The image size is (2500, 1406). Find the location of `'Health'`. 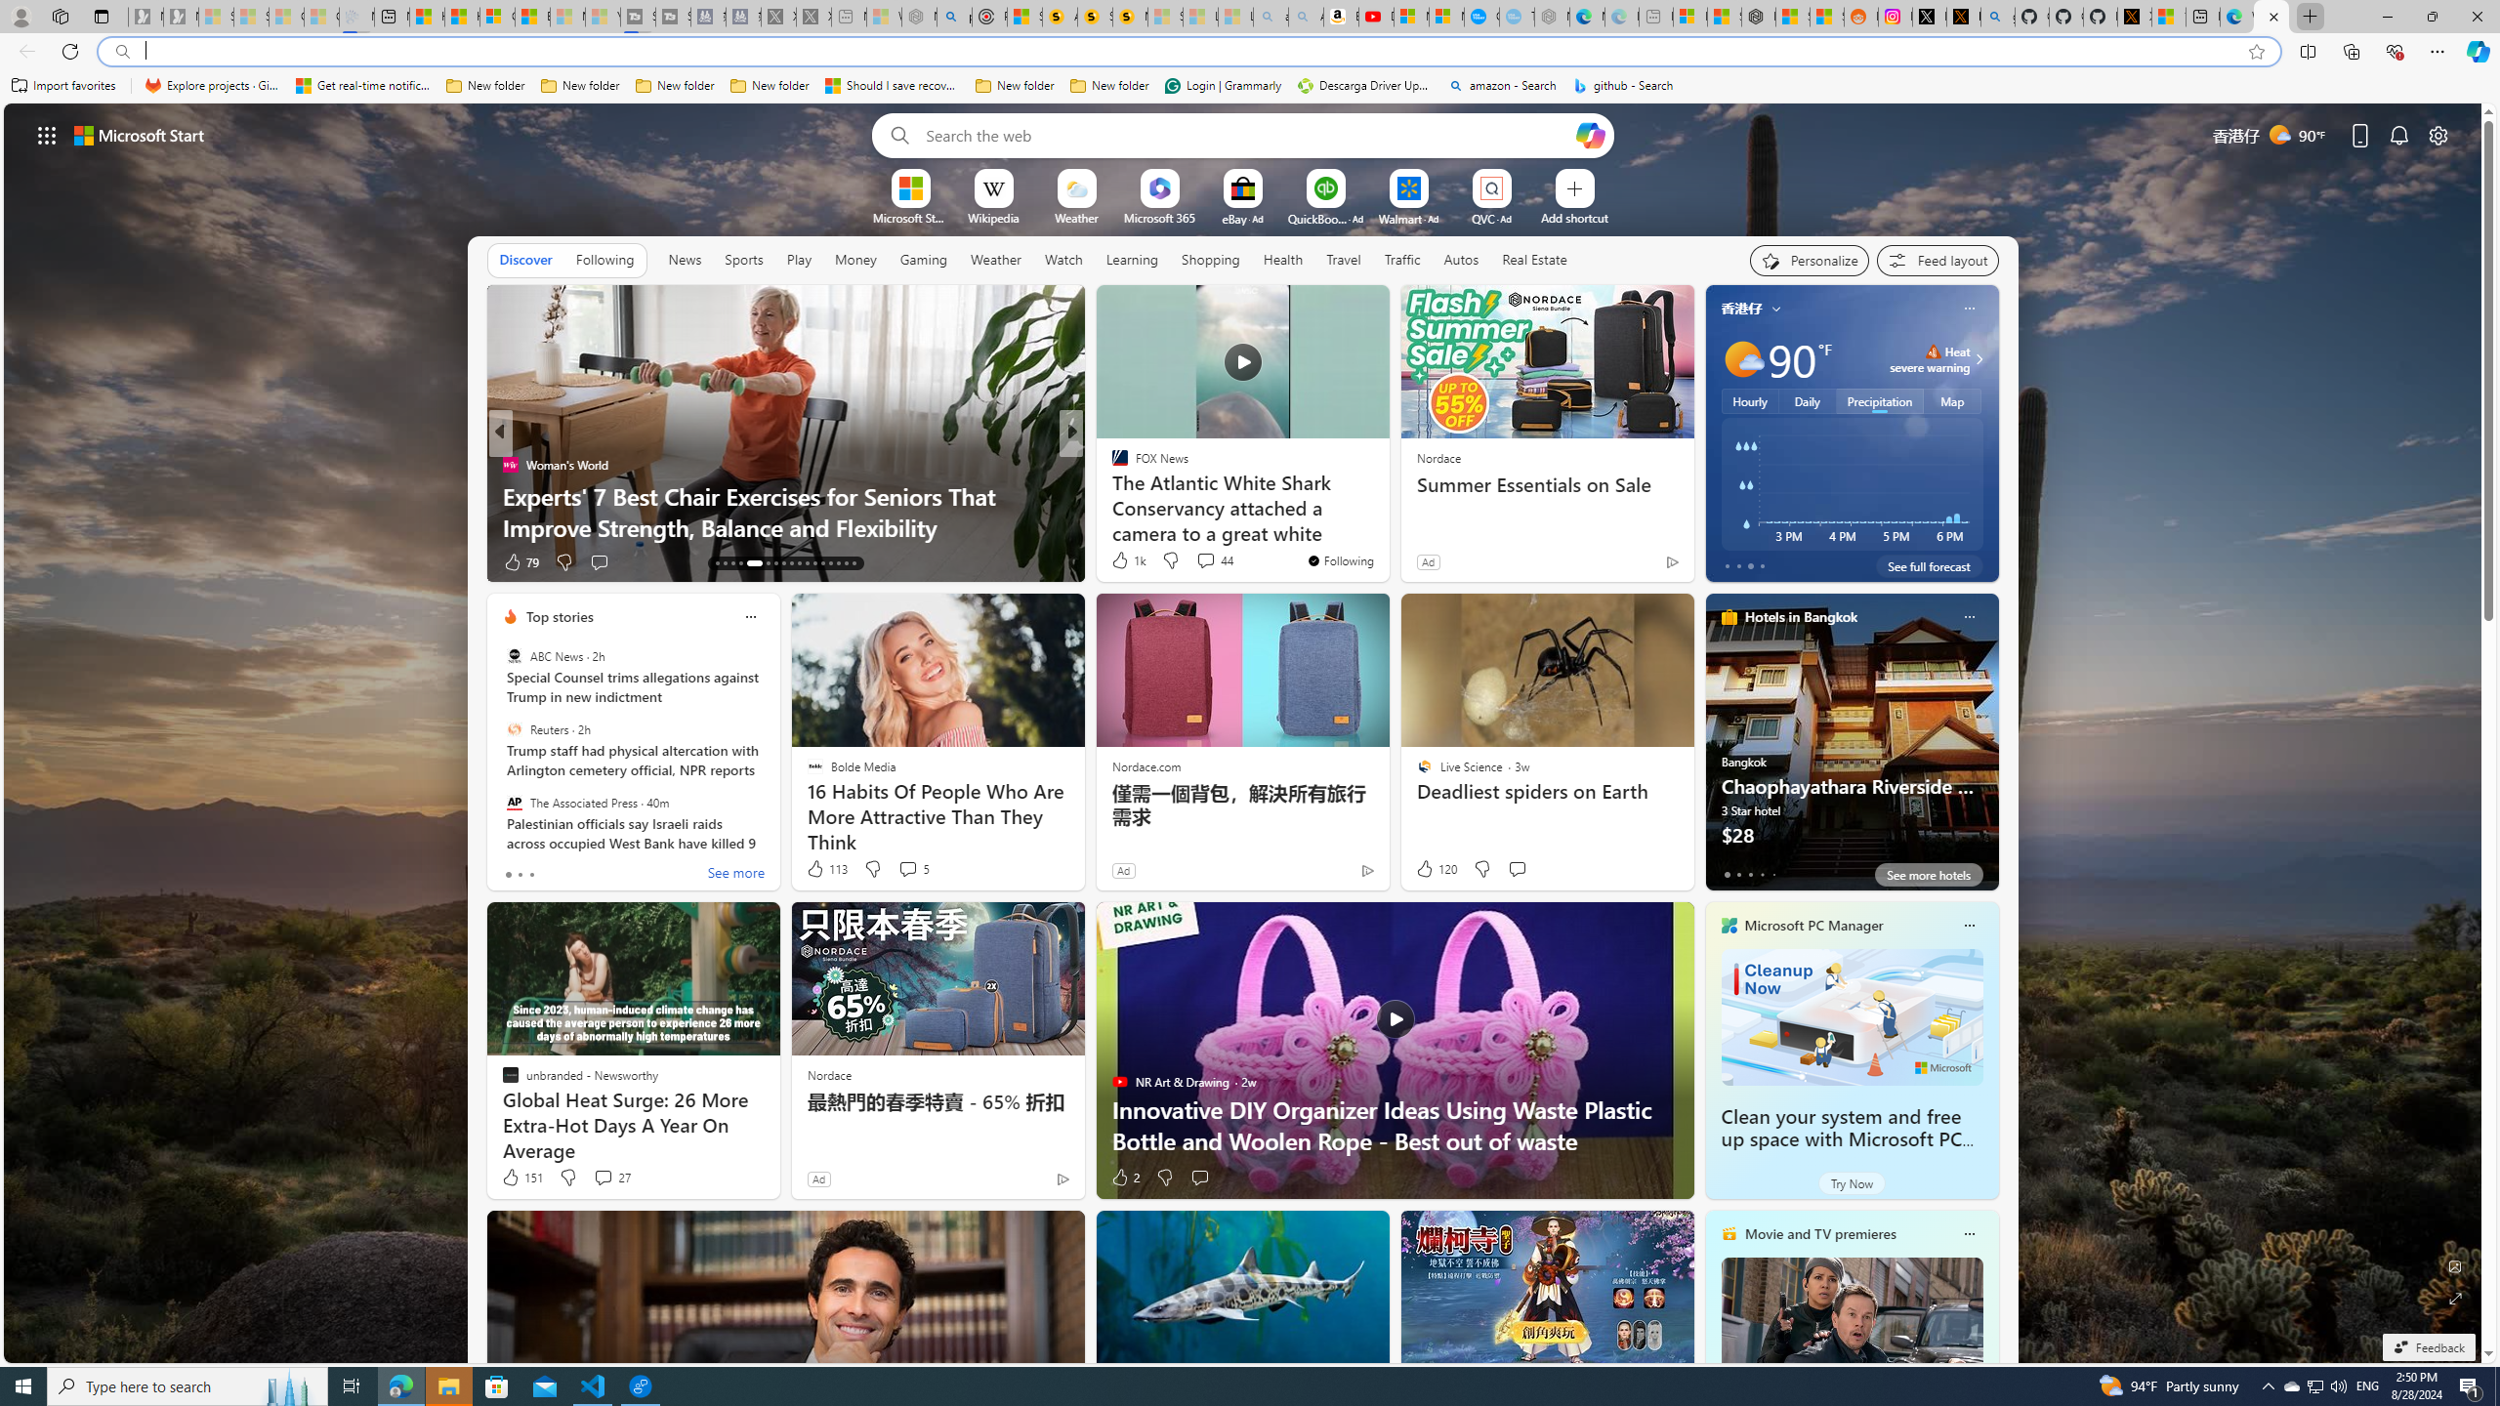

'Health' is located at coordinates (1281, 258).